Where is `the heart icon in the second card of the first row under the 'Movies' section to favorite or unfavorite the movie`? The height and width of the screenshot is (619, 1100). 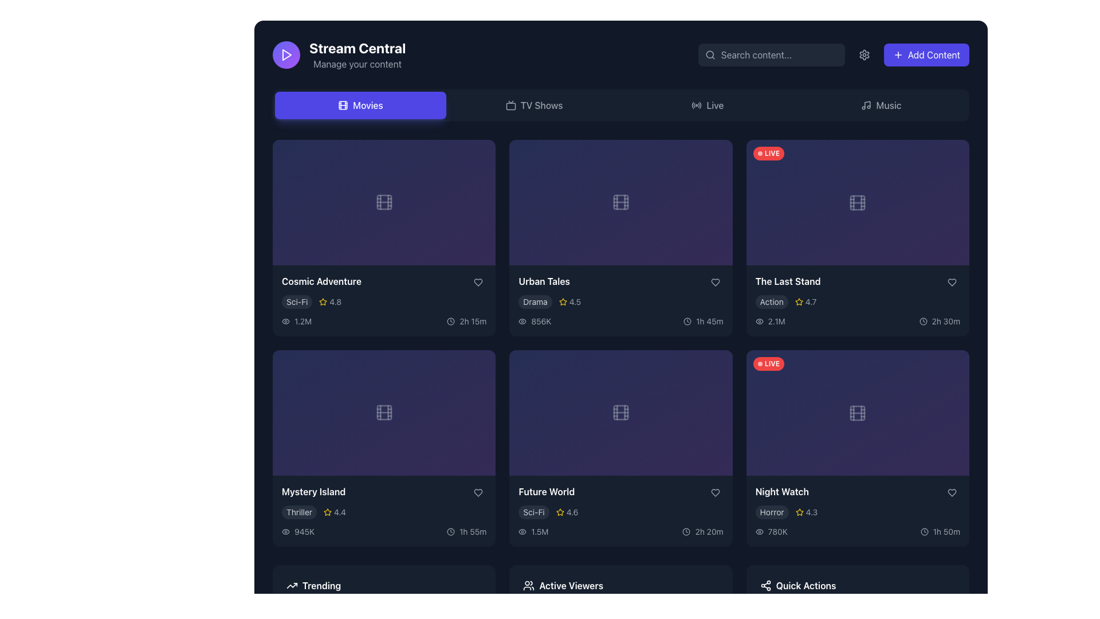 the heart icon in the second card of the first row under the 'Movies' section to favorite or unfavorite the movie is located at coordinates (478, 283).